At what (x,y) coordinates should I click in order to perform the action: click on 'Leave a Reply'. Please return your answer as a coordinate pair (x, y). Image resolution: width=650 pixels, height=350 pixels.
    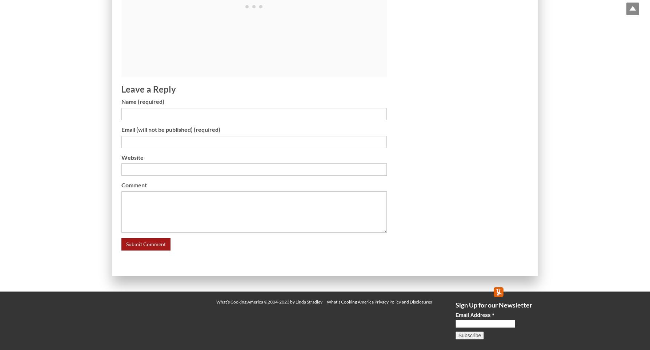
    Looking at the image, I should click on (148, 88).